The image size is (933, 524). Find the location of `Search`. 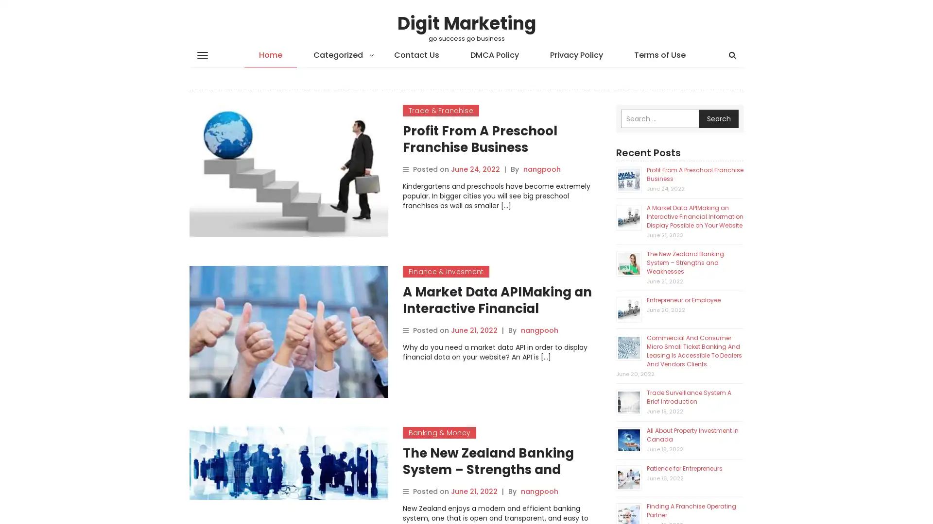

Search is located at coordinates (719, 118).